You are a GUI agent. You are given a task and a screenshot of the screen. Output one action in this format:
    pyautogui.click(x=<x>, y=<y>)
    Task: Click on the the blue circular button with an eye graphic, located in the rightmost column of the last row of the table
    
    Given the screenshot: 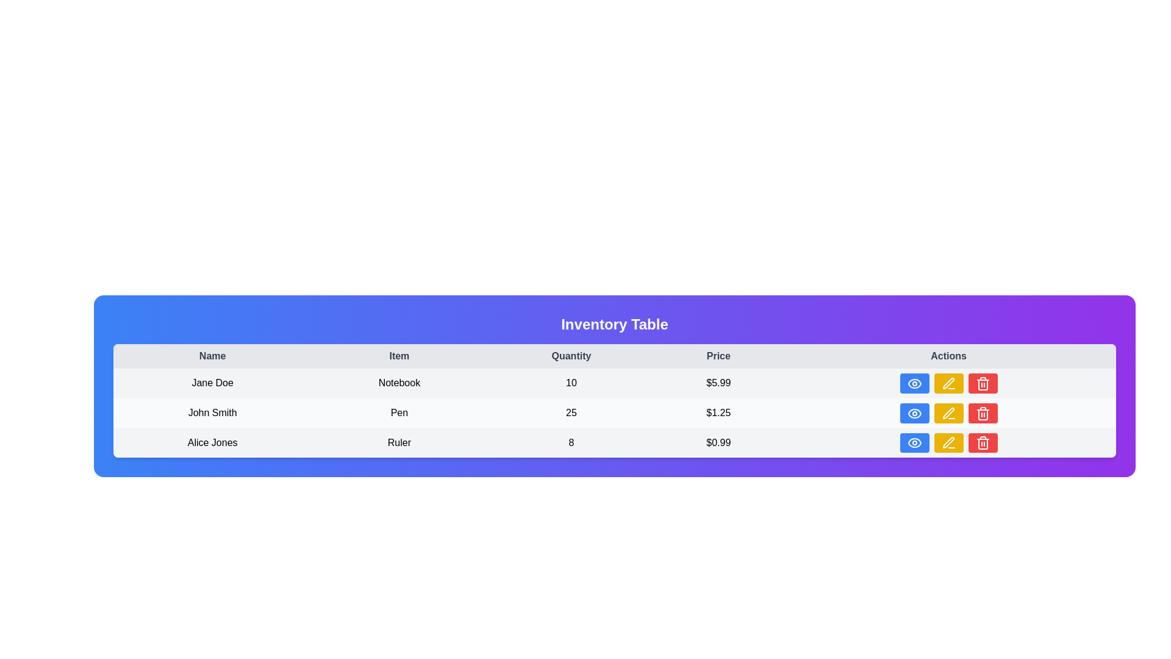 What is the action you would take?
    pyautogui.click(x=914, y=443)
    